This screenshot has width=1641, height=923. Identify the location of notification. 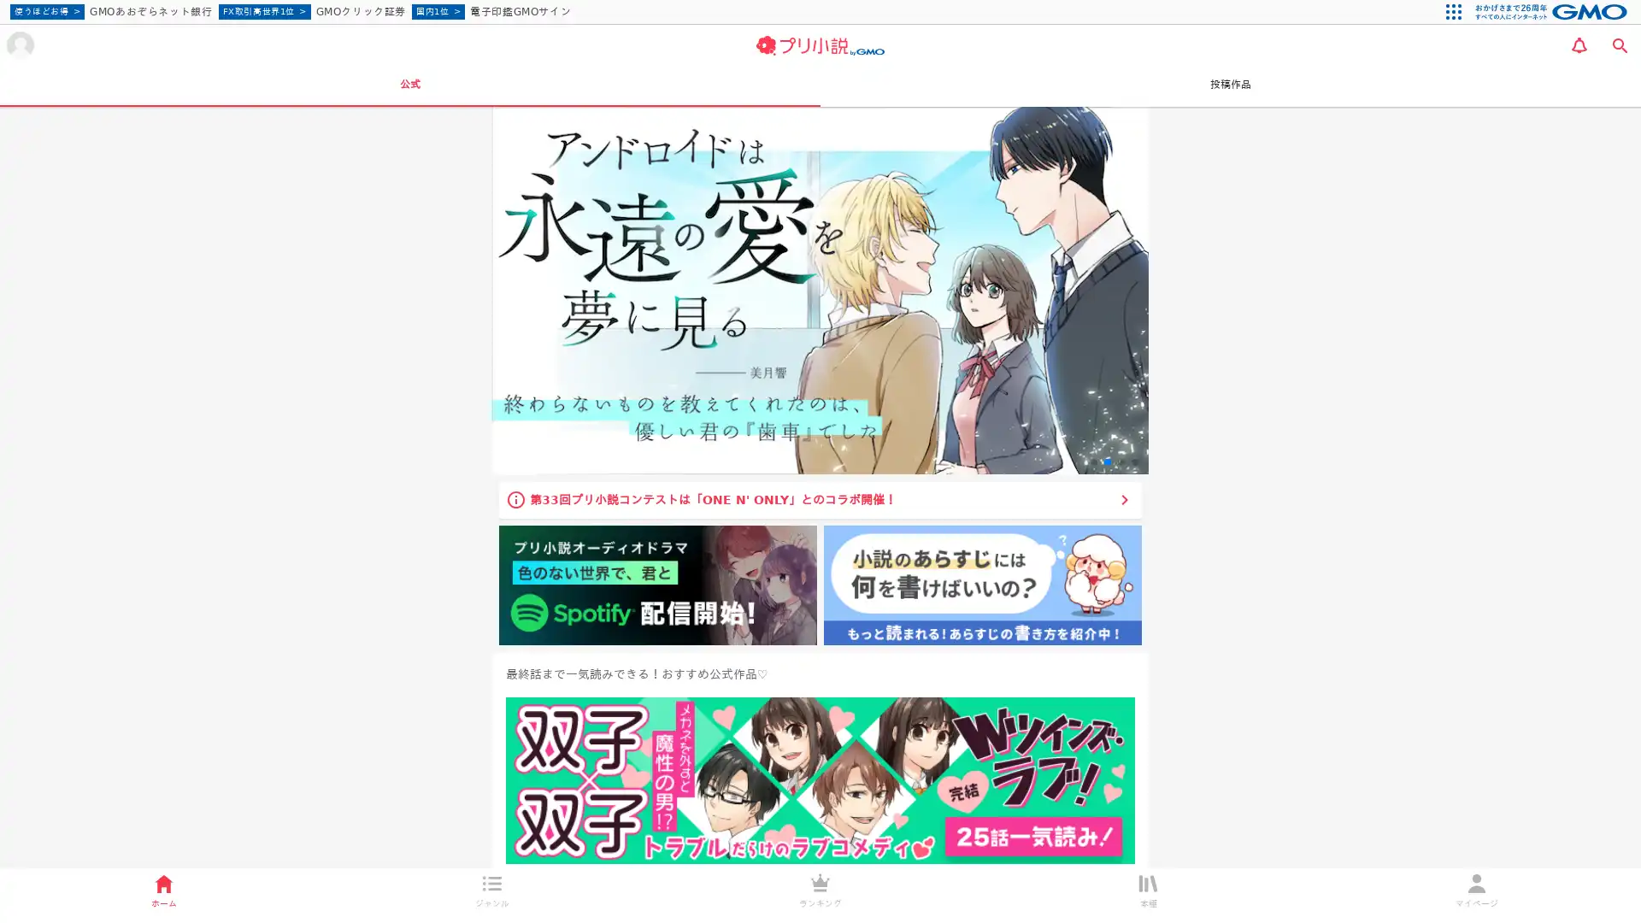
(1579, 44).